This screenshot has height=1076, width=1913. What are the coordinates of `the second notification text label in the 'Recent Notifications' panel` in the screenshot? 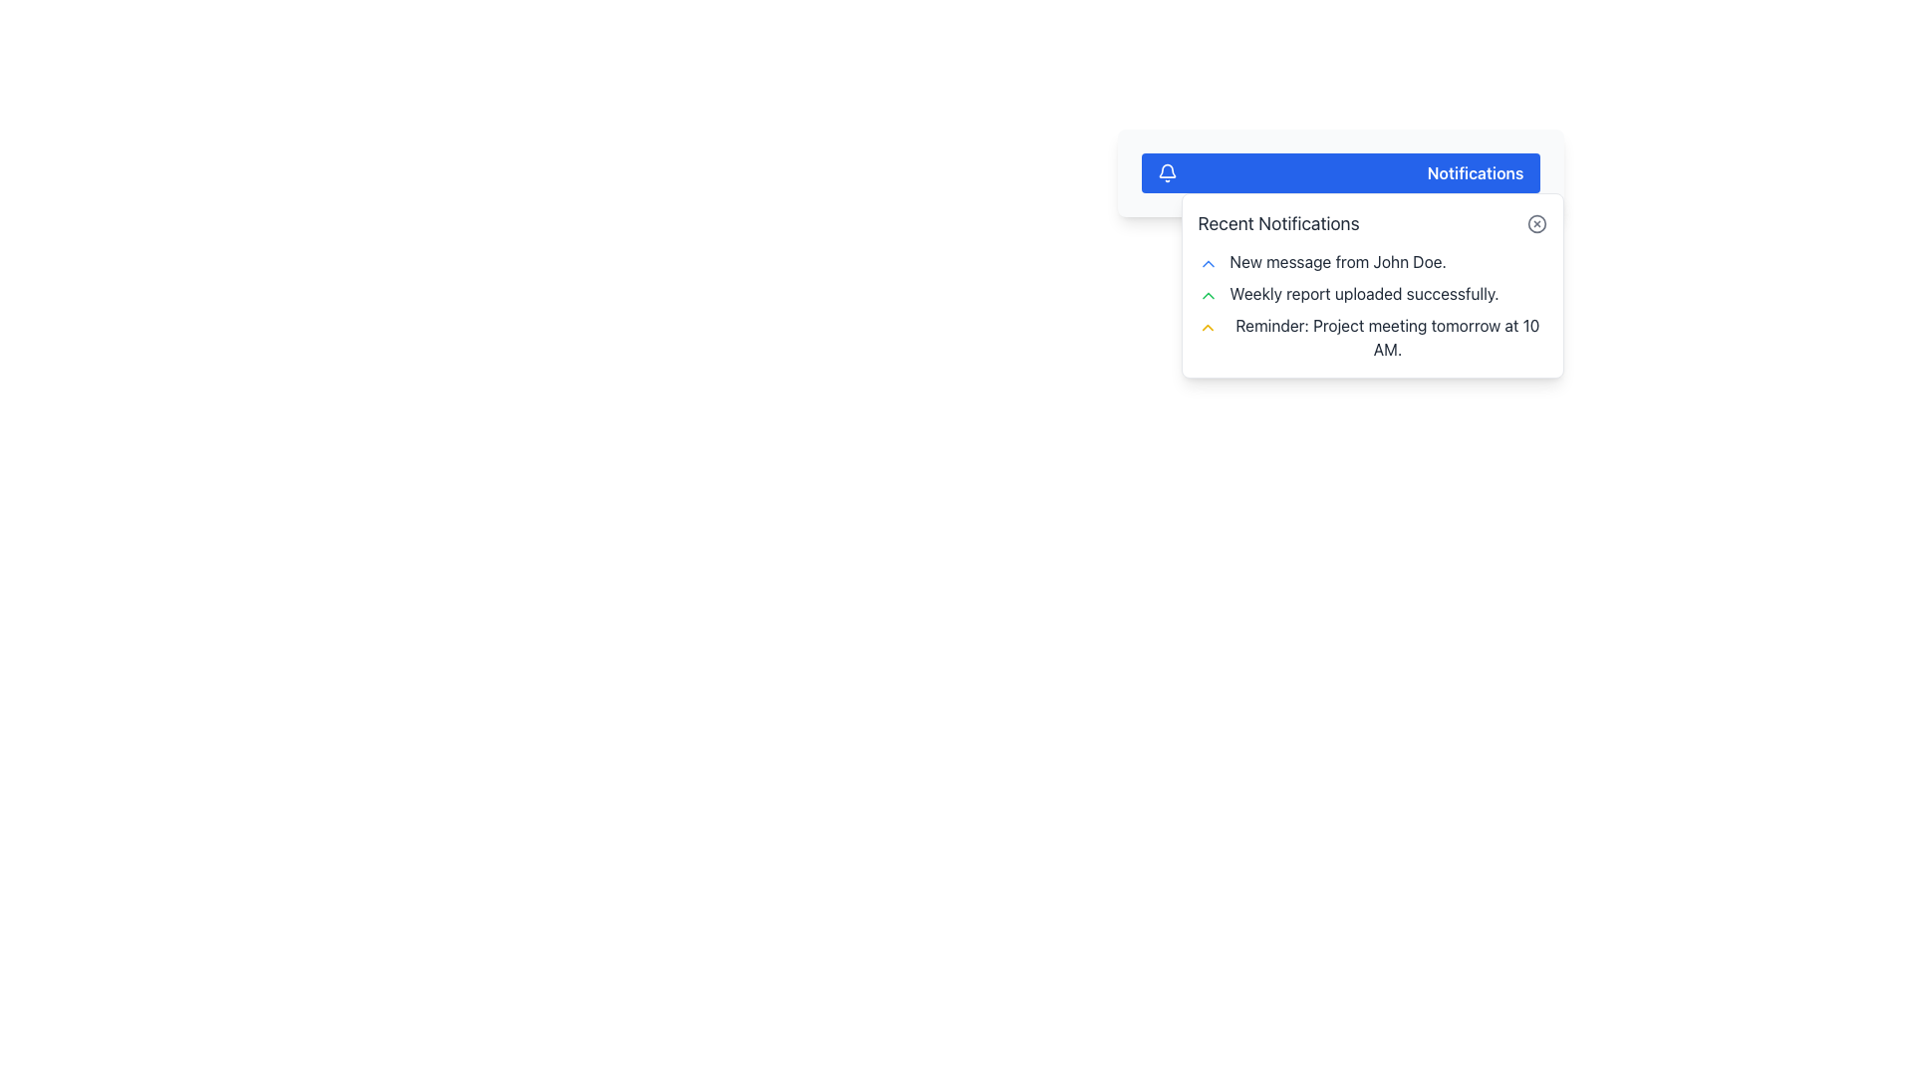 It's located at (1363, 293).